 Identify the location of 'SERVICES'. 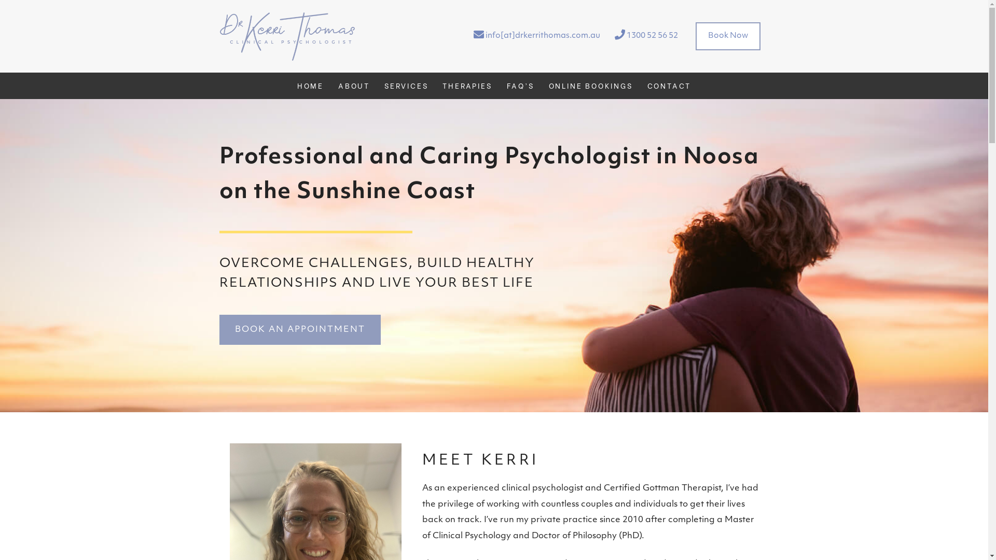
(378, 85).